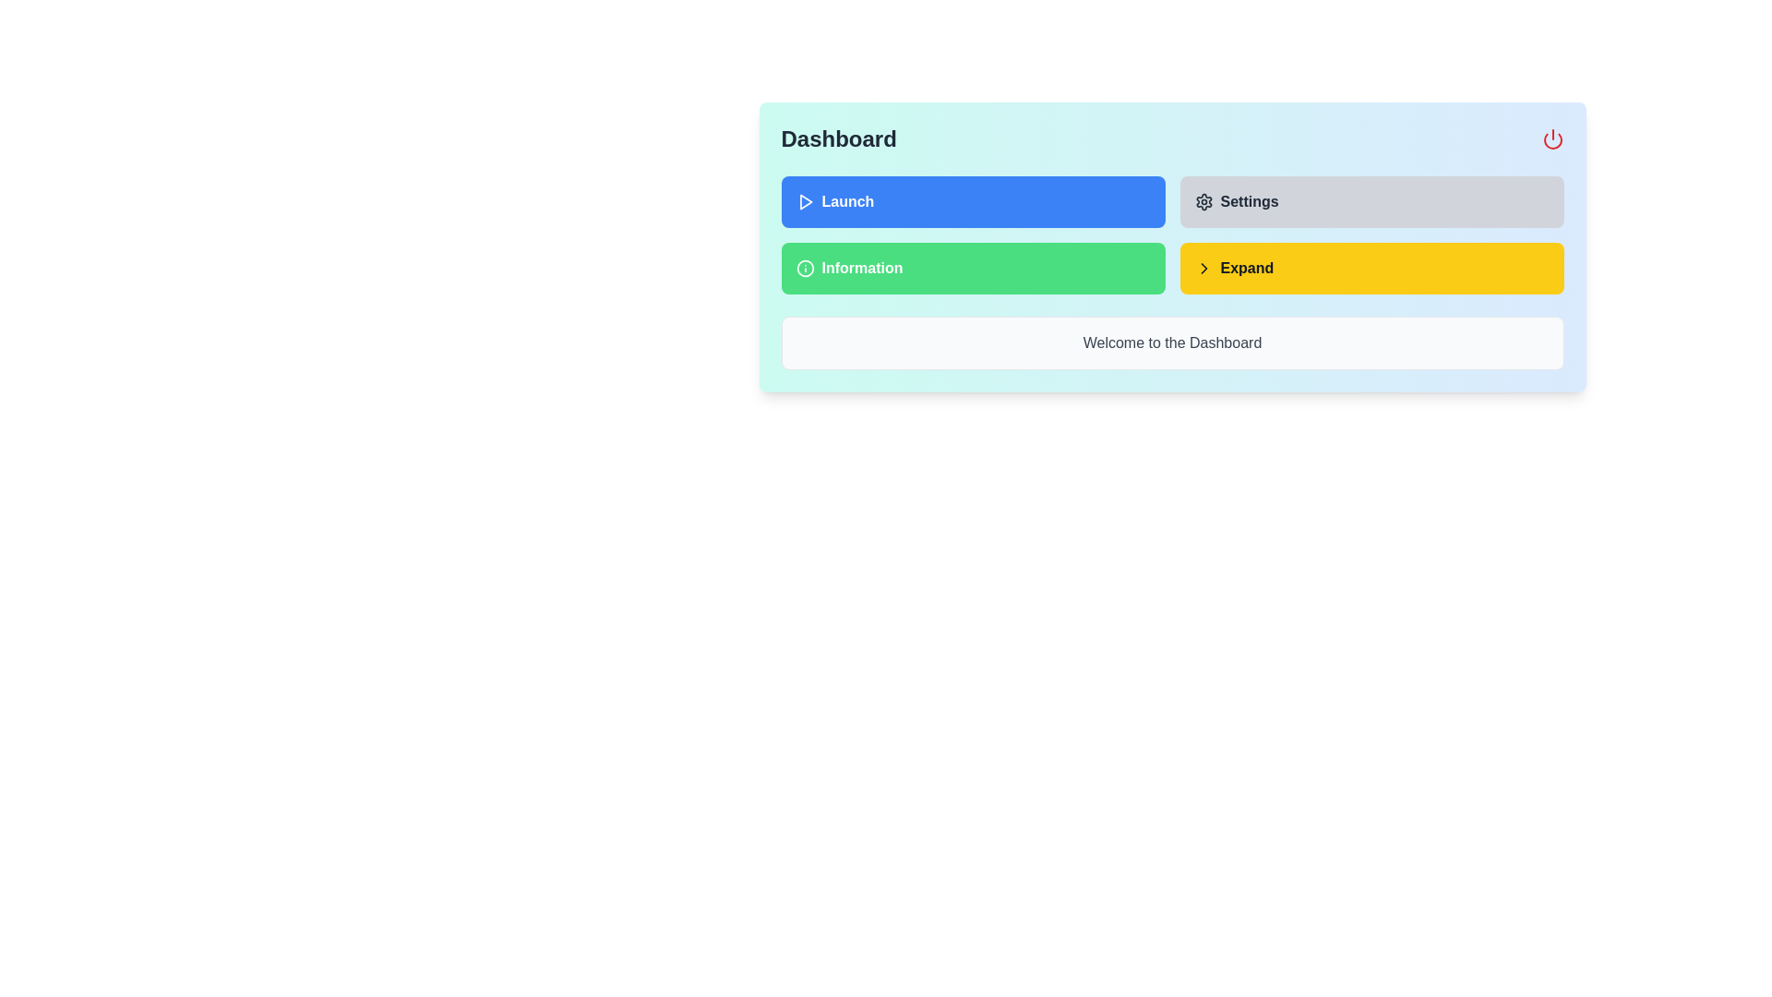 The height and width of the screenshot is (997, 1772). Describe the element at coordinates (805, 268) in the screenshot. I see `the outermost circular element of the 'Information' icon, which is a circular icon with no fill and a stroke outline, located centrally inside the green rectangle labeled 'Information' in the dashboard` at that location.